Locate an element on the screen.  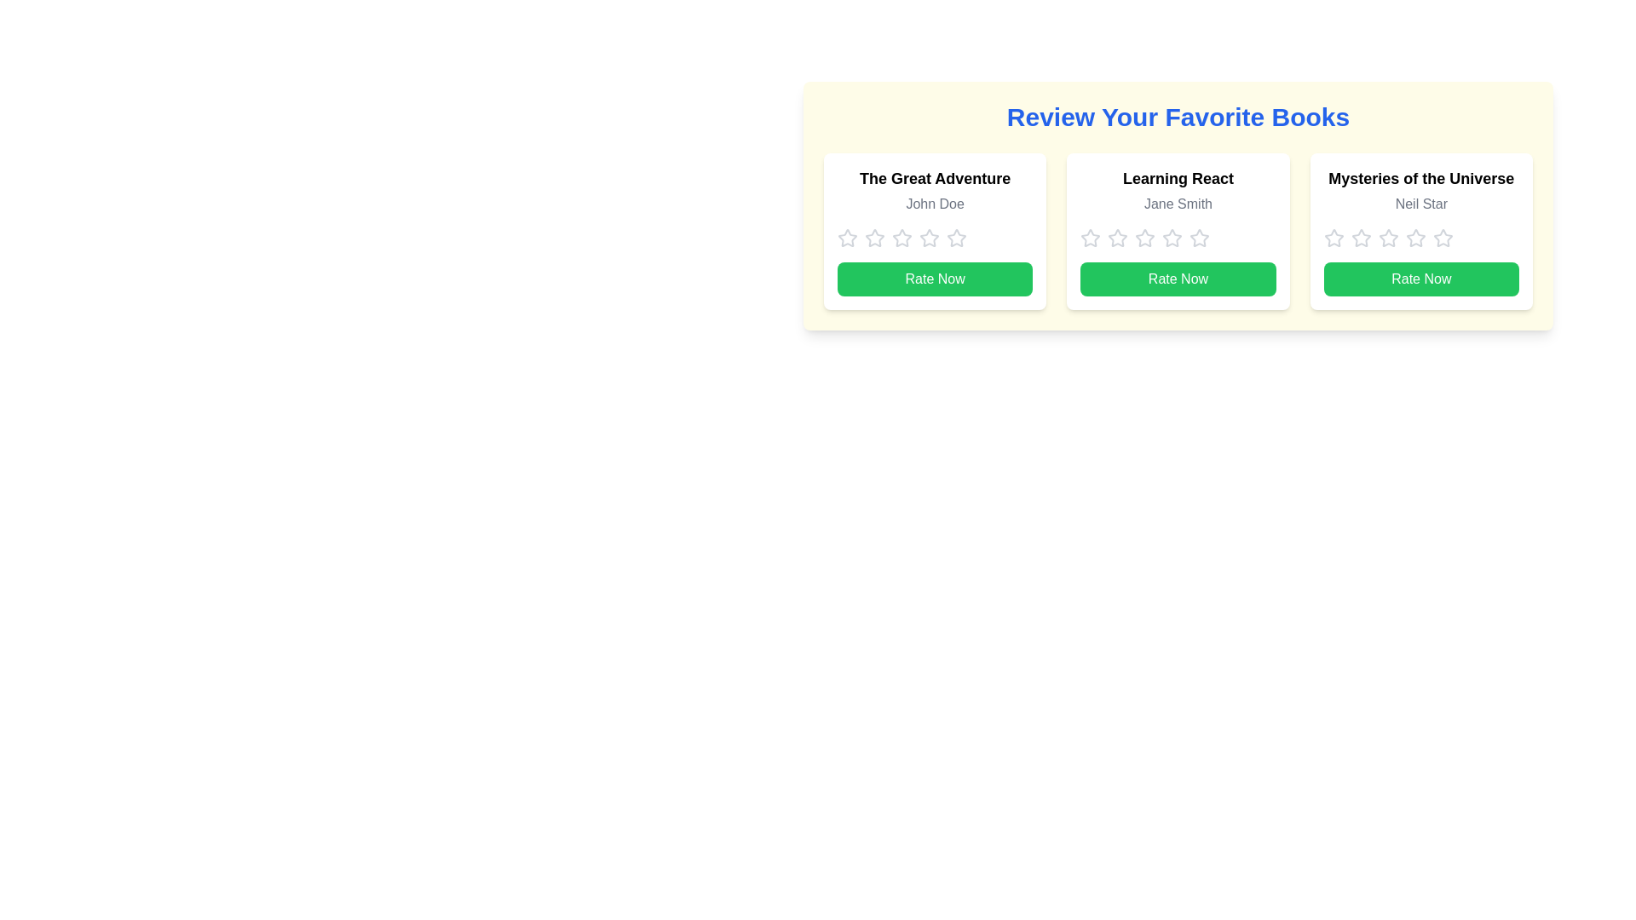
the center star of the rating bar, which is part of a group of five star icons arranged horizontally below the texts 'Learning React' and 'Jane Smith', for bulk actions is located at coordinates (1177, 239).